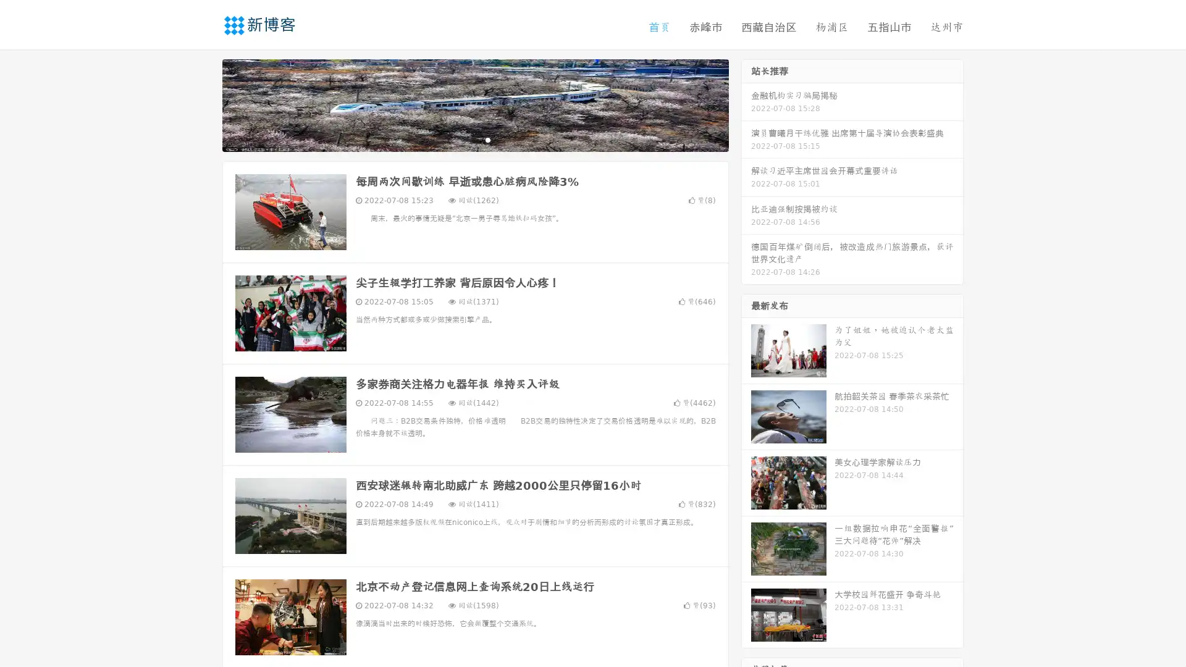  I want to click on Go to slide 2, so click(474, 139).